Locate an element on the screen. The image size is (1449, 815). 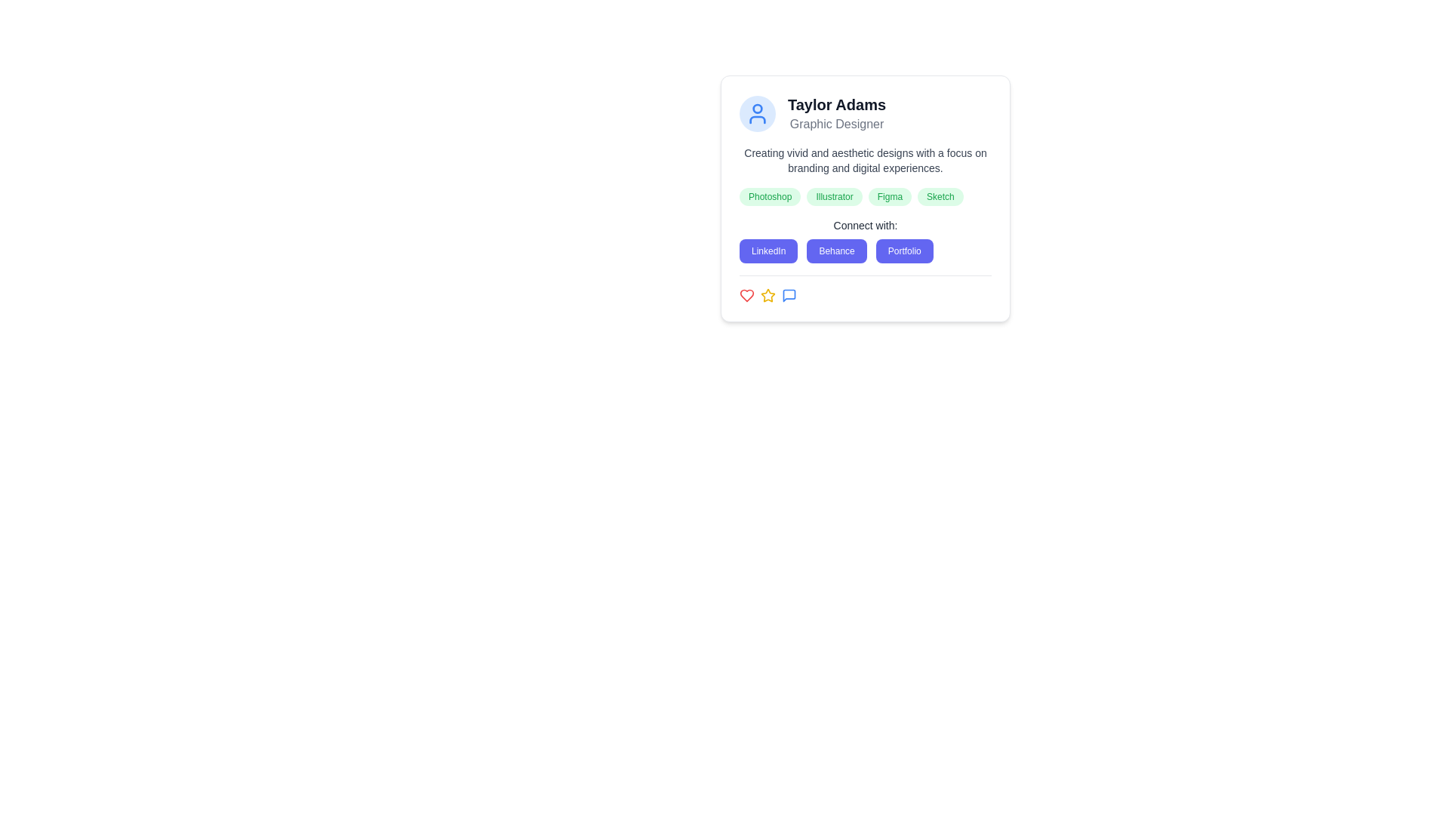
the compact, rounded rectangular badge with a light green background and bold green text that reads 'Figma', which is the third badge in the horizontal list of skill badges is located at coordinates (890, 196).